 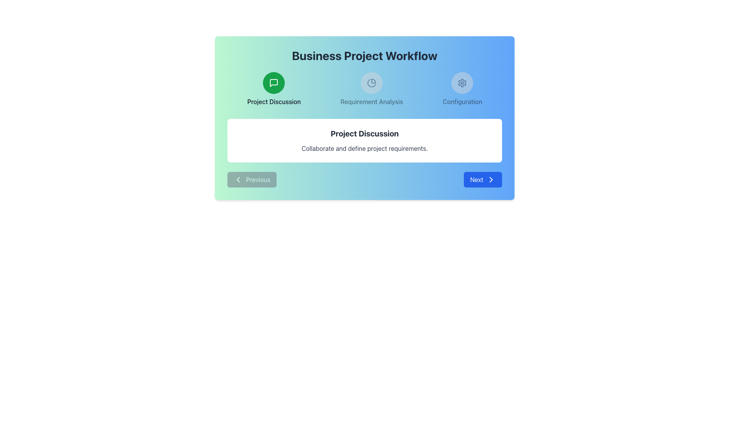 I want to click on the second segment of the progress bar labeled 'Requirement Analysis' within the Business Project Workflow card interface, so click(x=364, y=88).